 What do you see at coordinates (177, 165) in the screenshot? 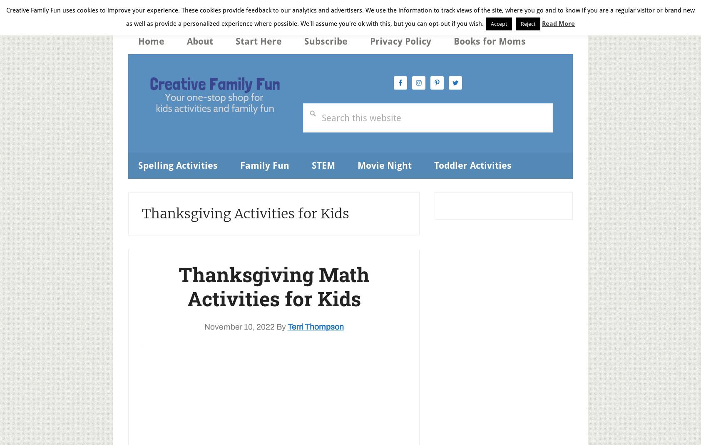
I see `'Spelling Activities'` at bounding box center [177, 165].